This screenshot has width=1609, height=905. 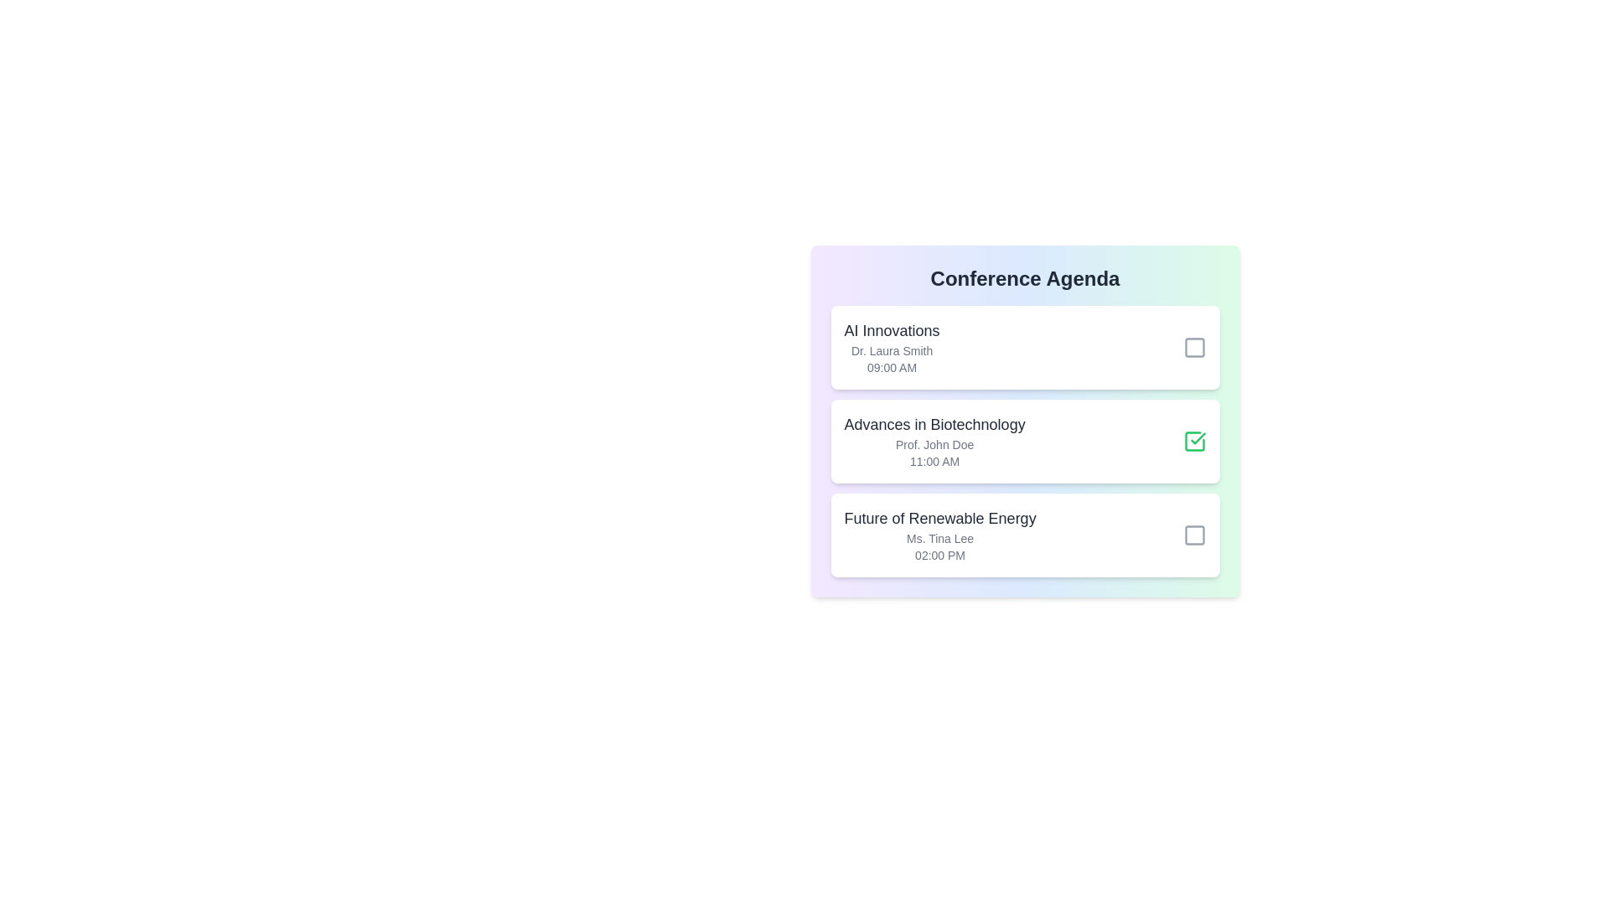 I want to click on the header labeled 'Conference Agenda' to interact with it, so click(x=1024, y=277).